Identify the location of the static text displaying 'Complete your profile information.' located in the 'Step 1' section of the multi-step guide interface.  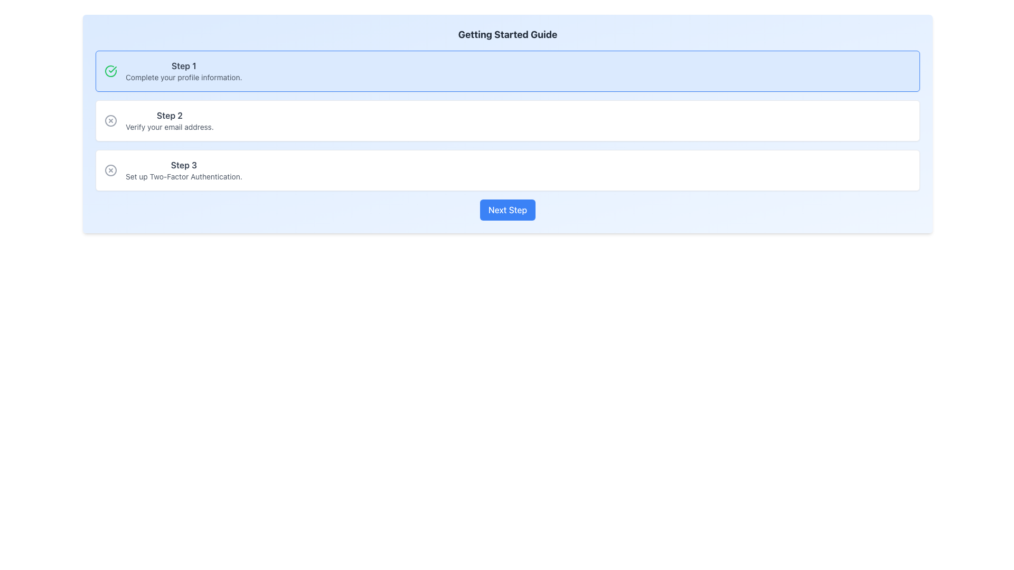
(184, 77).